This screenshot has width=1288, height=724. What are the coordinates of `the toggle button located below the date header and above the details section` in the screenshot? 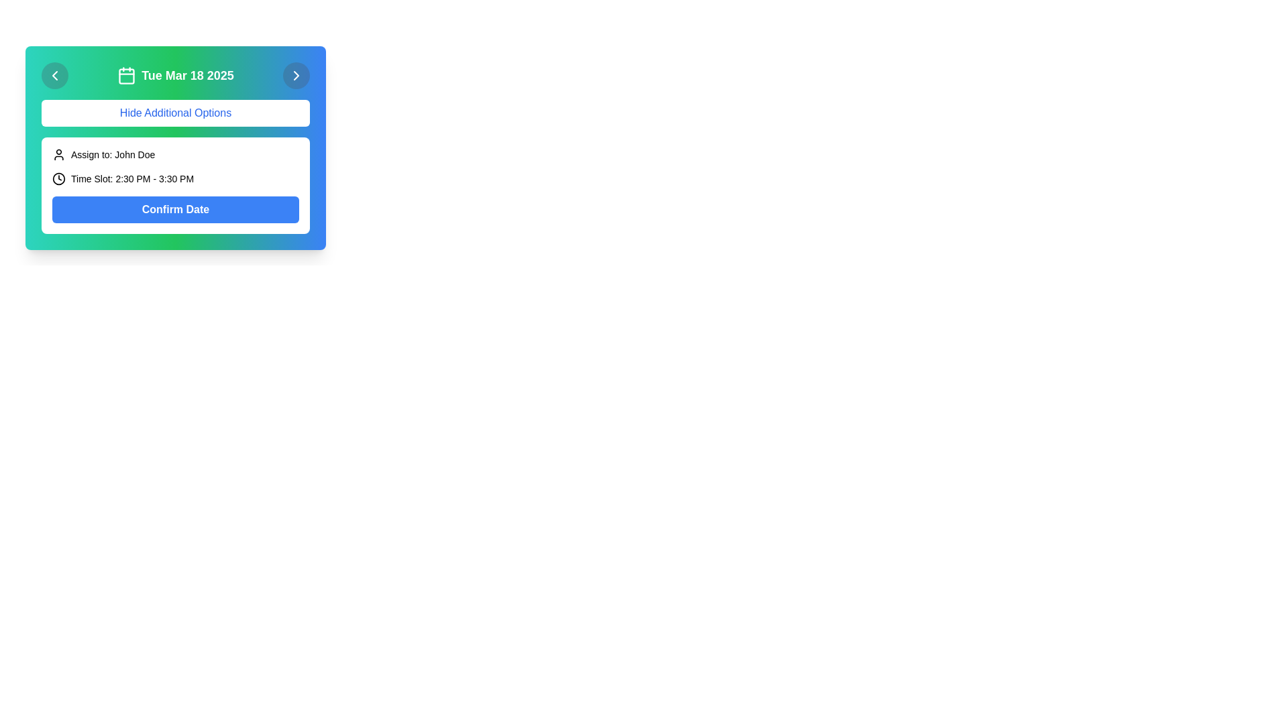 It's located at (175, 113).